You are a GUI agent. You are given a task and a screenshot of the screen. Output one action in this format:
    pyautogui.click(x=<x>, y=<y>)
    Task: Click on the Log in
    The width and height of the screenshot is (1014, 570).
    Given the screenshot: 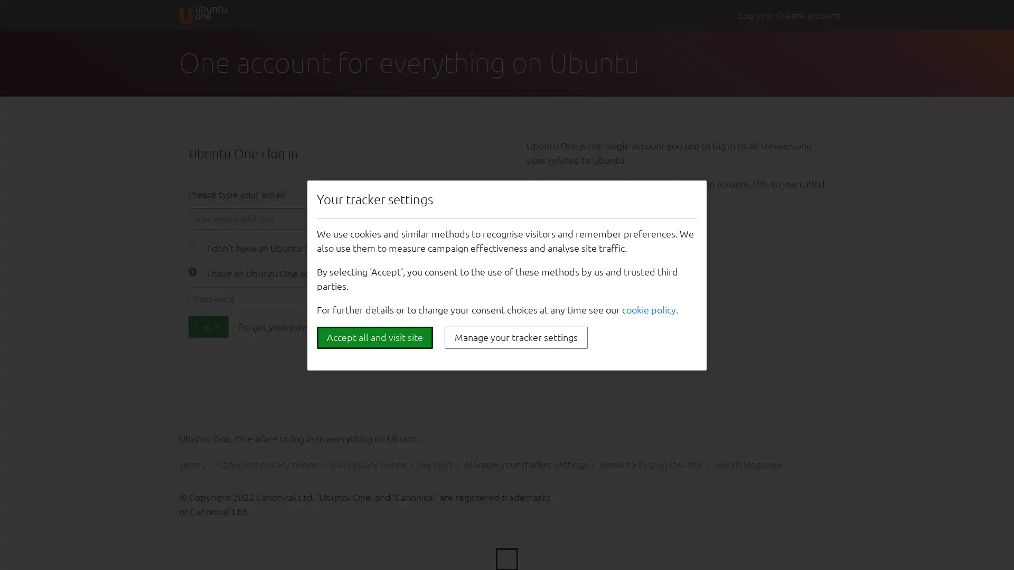 What is the action you would take?
    pyautogui.click(x=208, y=326)
    